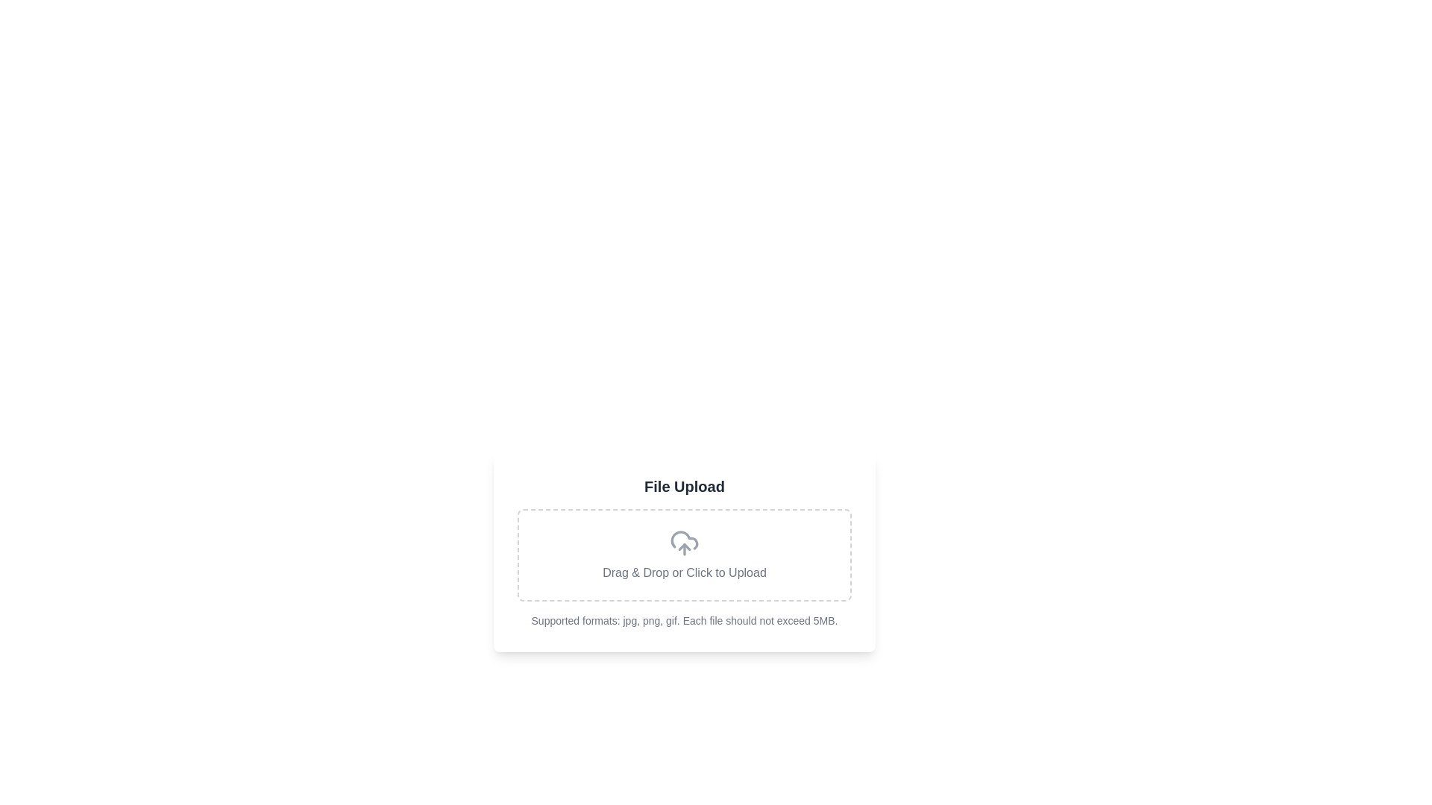 This screenshot has width=1432, height=805. Describe the element at coordinates (683, 543) in the screenshot. I see `the upload icon which represents the action of uploading files, located above the text 'Drag & Drop or Click to Upload'` at that location.